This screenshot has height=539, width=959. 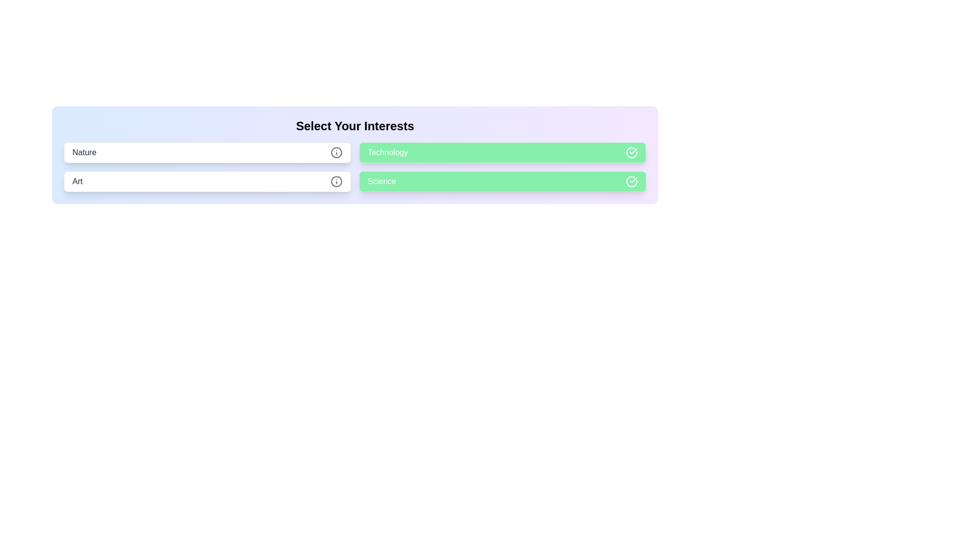 What do you see at coordinates (502, 152) in the screenshot?
I see `the chip labeled Technology` at bounding box center [502, 152].